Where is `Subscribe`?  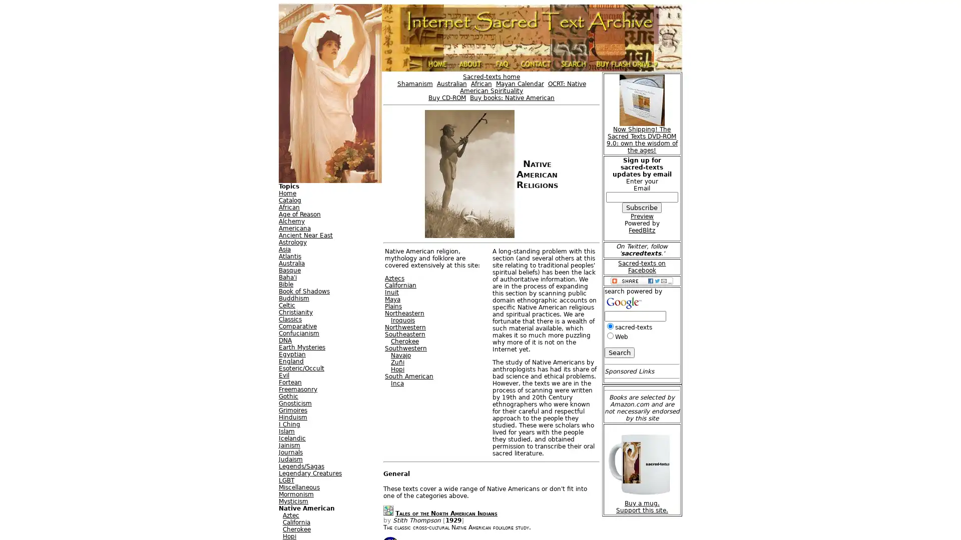 Subscribe is located at coordinates (642, 207).